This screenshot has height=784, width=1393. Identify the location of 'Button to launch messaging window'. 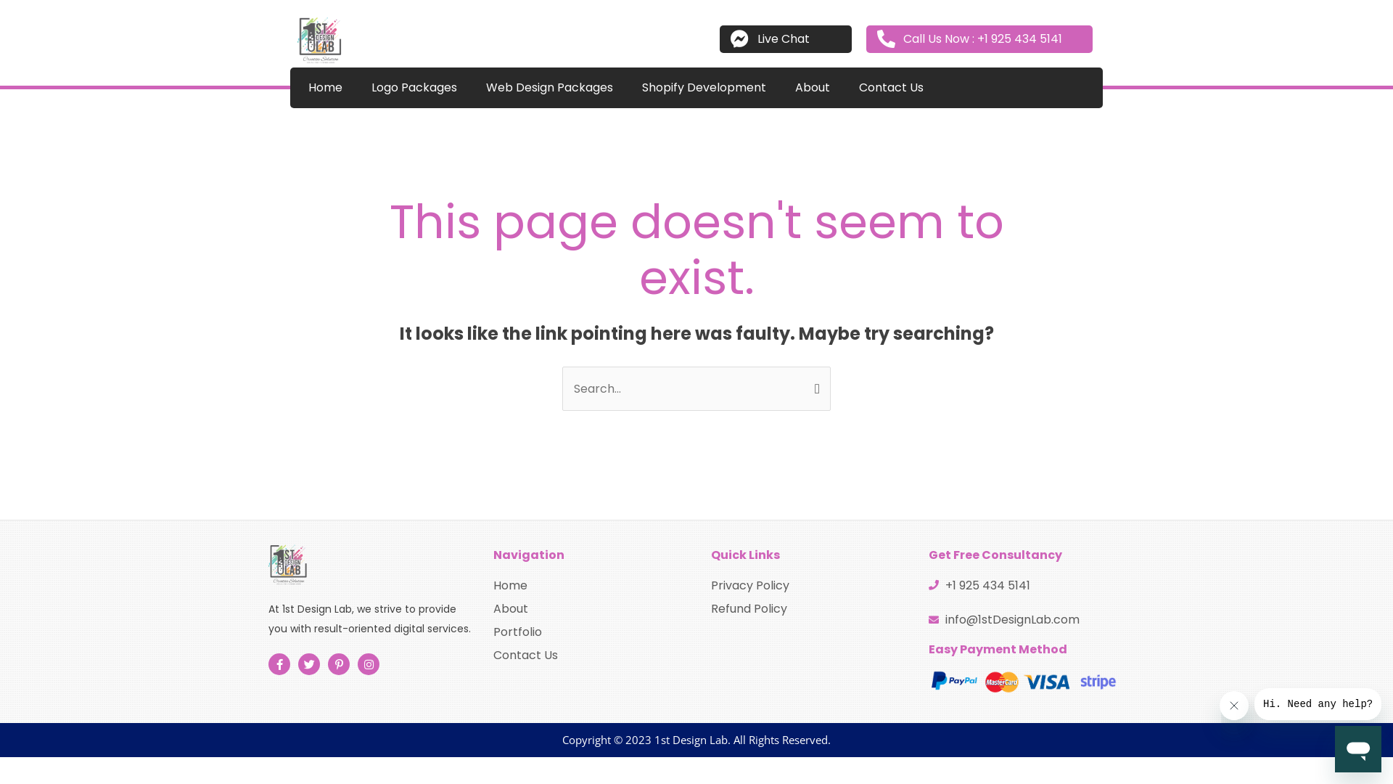
(1357, 749).